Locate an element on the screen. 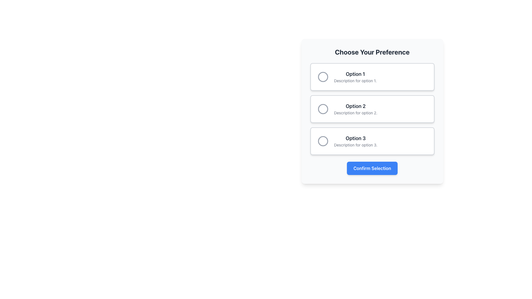 The height and width of the screenshot is (299, 532). the gray circular icon located to the left of the text 'Option 1' within the first selectable card is located at coordinates (323, 77).